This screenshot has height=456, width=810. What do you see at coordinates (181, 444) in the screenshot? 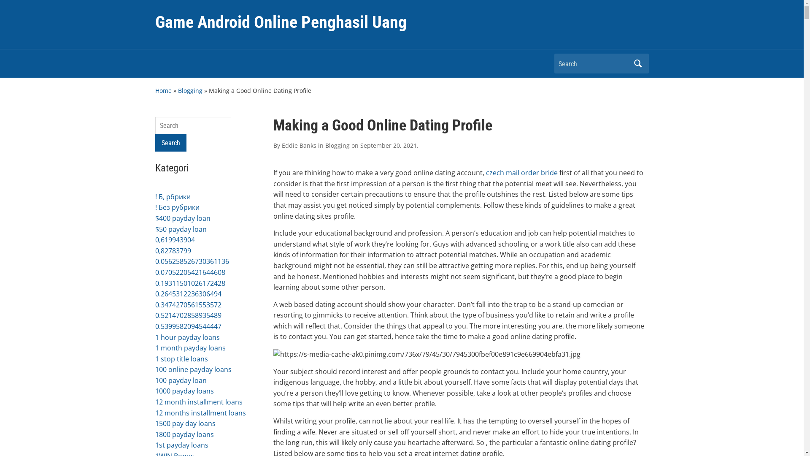
I see `'1st payday loans'` at bounding box center [181, 444].